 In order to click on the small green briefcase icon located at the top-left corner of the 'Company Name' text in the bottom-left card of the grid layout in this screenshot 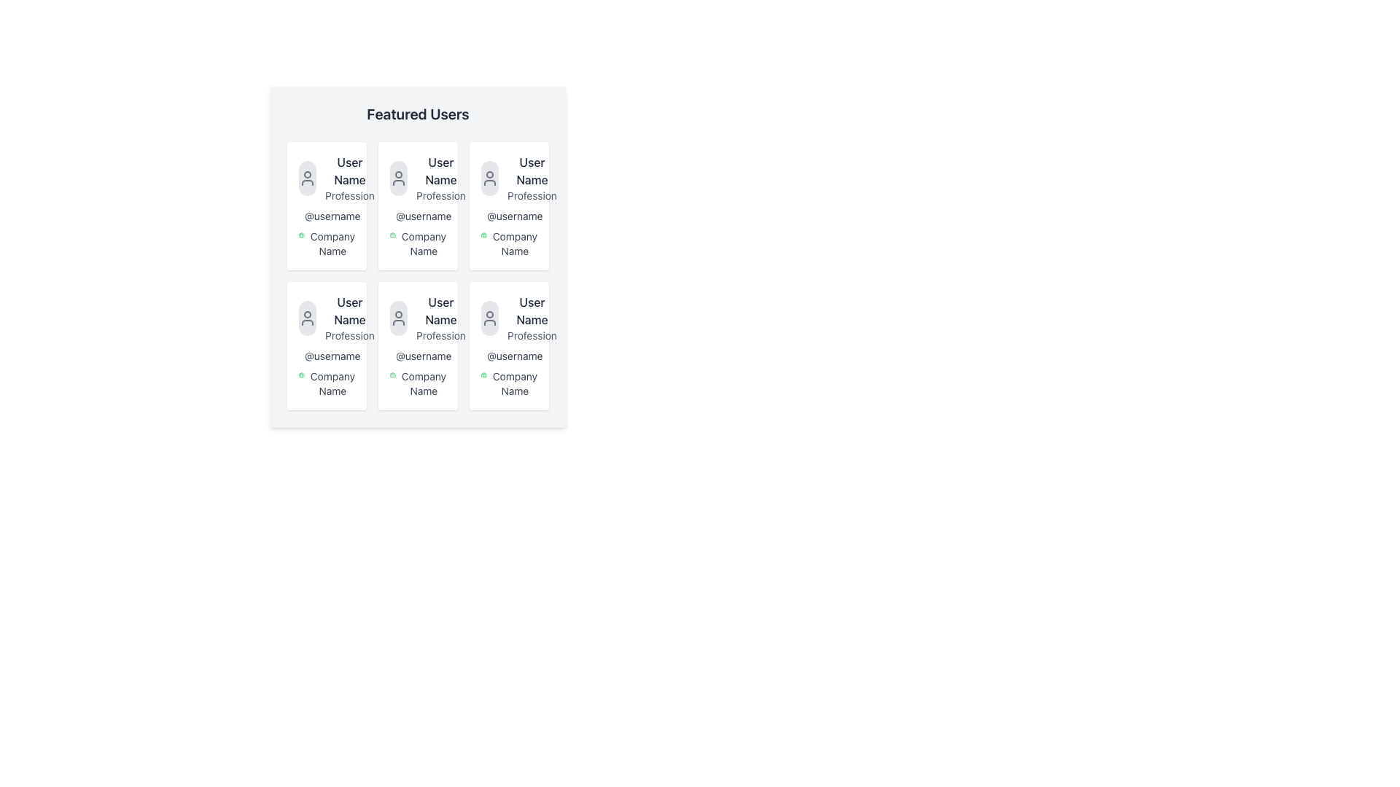, I will do `click(300, 375)`.